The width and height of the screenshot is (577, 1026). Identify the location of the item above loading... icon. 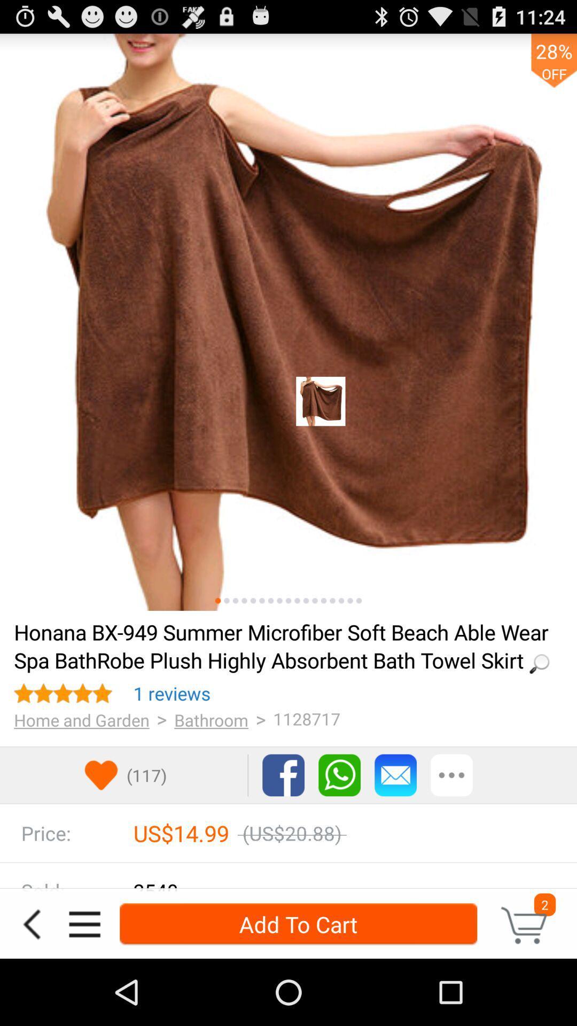
(253, 601).